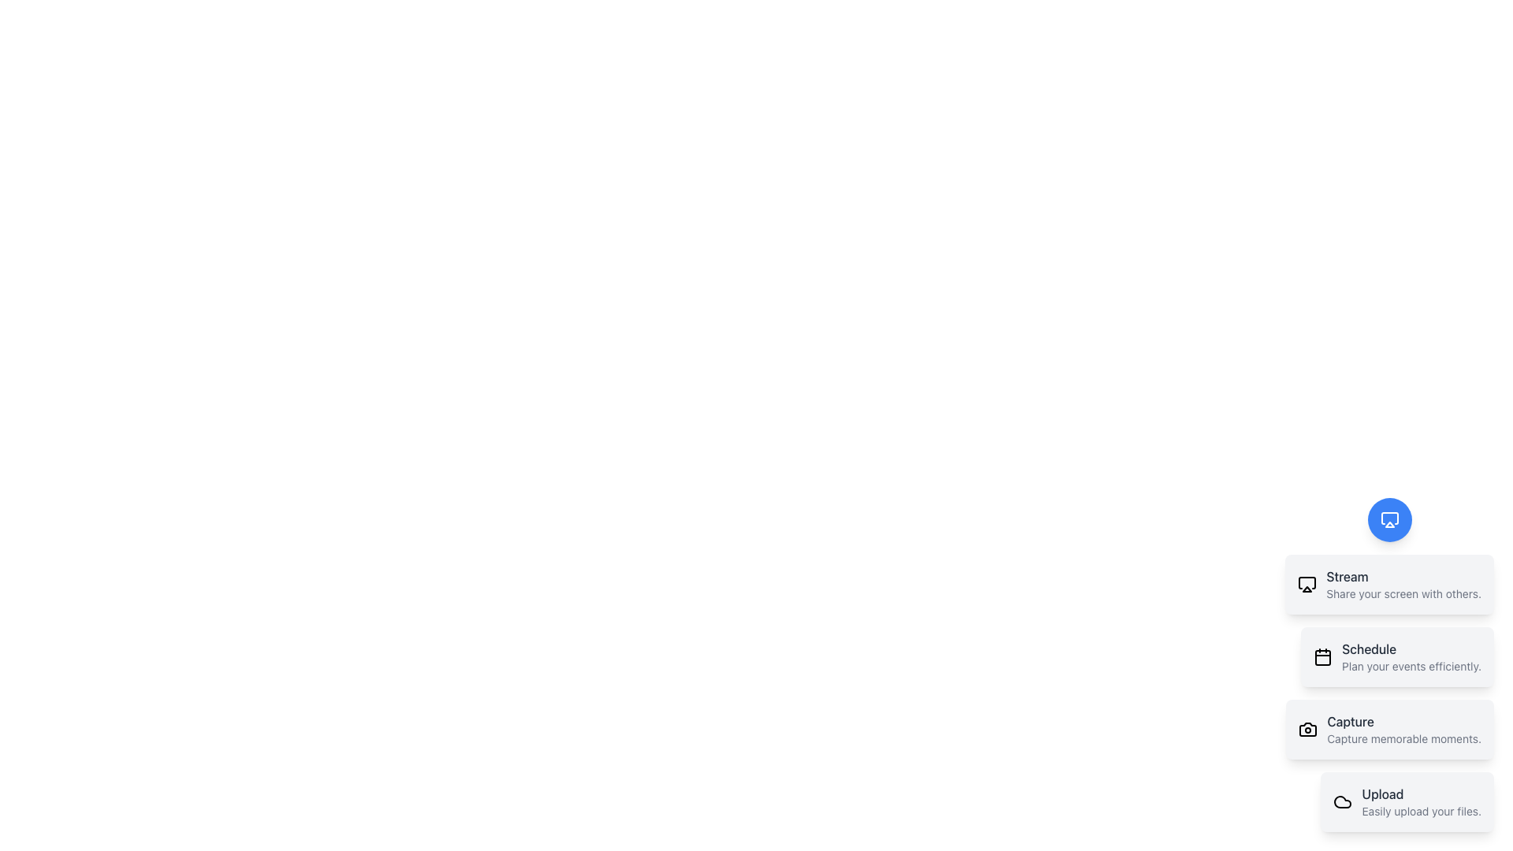  Describe the element at coordinates (1389, 729) in the screenshot. I see `the capturing feature button, which is the third button in a vertical arrangement of four cards, located below the 'Schedule' card and above the 'Upload' card` at that location.